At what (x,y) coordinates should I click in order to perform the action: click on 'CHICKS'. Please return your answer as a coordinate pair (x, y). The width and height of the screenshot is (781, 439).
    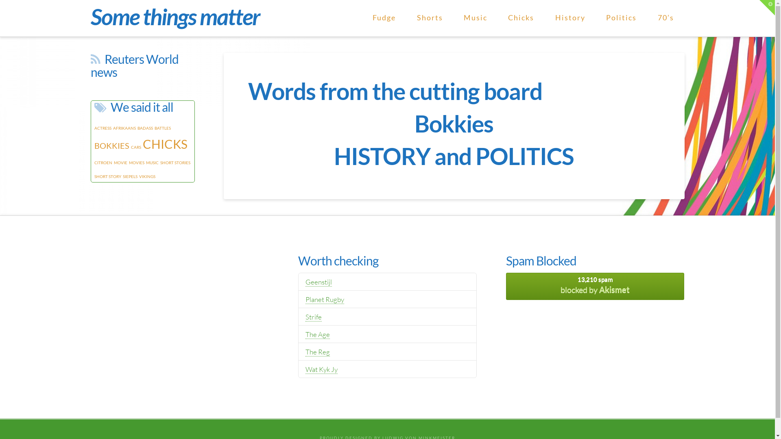
    Looking at the image, I should click on (164, 143).